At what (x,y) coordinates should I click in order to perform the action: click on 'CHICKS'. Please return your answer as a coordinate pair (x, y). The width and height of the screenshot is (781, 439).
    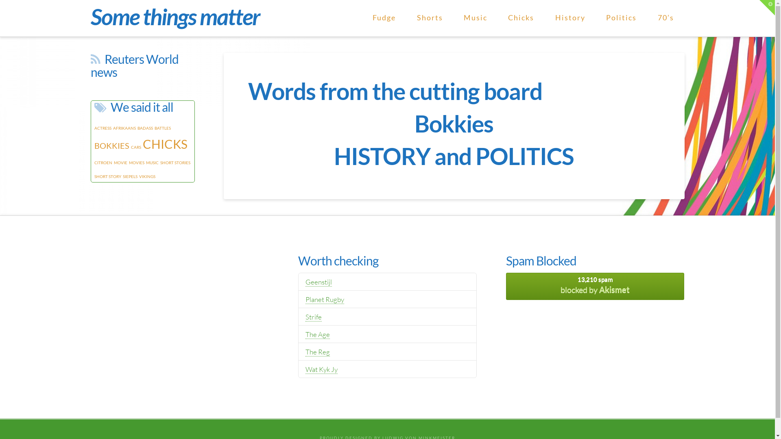
    Looking at the image, I should click on (164, 143).